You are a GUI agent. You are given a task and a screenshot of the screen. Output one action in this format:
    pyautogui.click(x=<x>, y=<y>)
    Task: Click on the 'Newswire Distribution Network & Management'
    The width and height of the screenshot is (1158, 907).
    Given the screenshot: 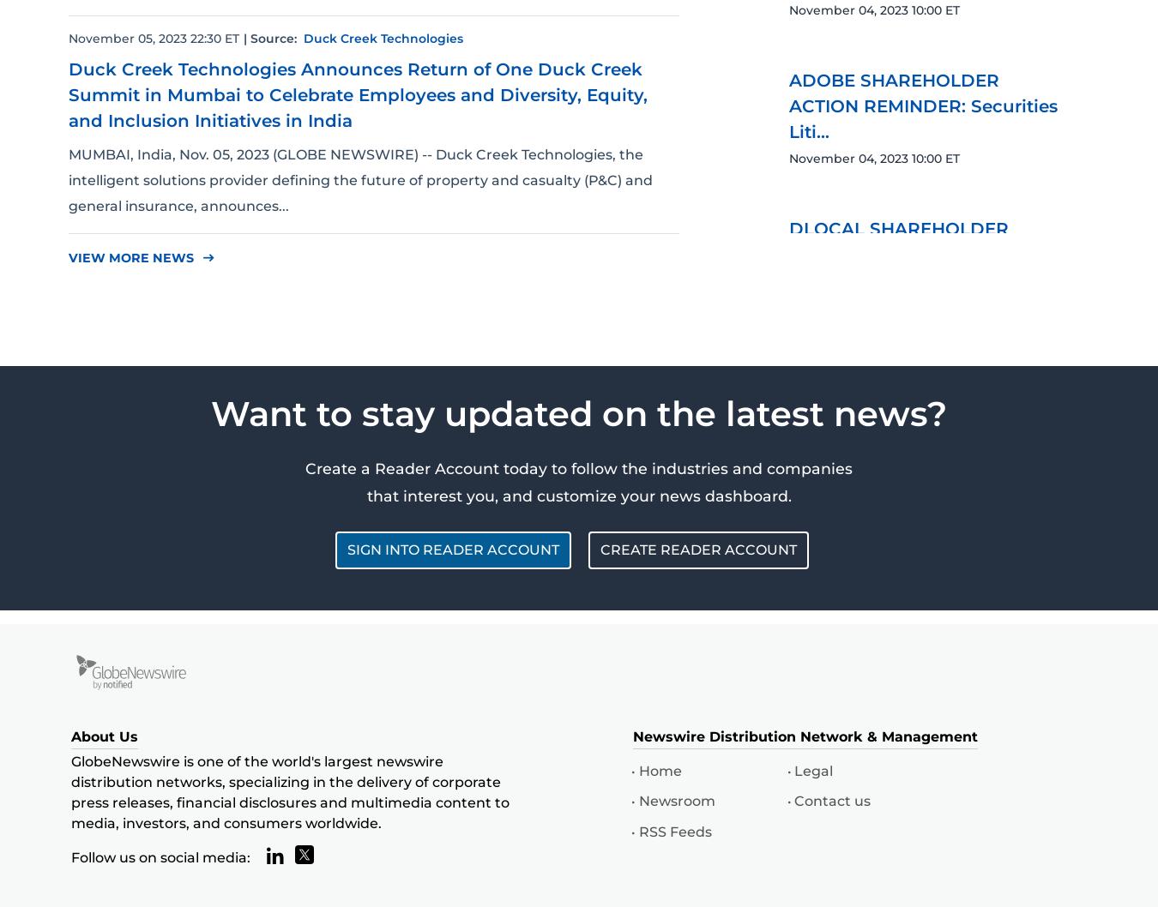 What is the action you would take?
    pyautogui.click(x=630, y=736)
    